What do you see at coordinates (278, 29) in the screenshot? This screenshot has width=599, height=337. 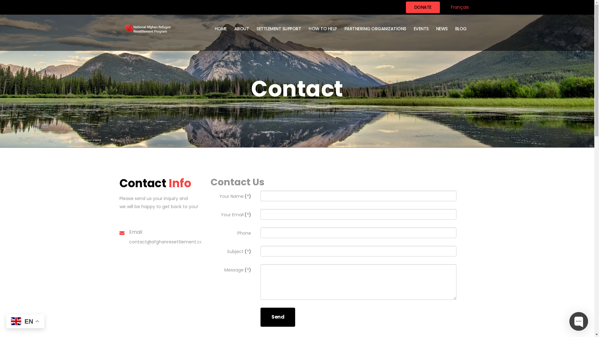 I see `'SETTLEMENT SUPPORT'` at bounding box center [278, 29].